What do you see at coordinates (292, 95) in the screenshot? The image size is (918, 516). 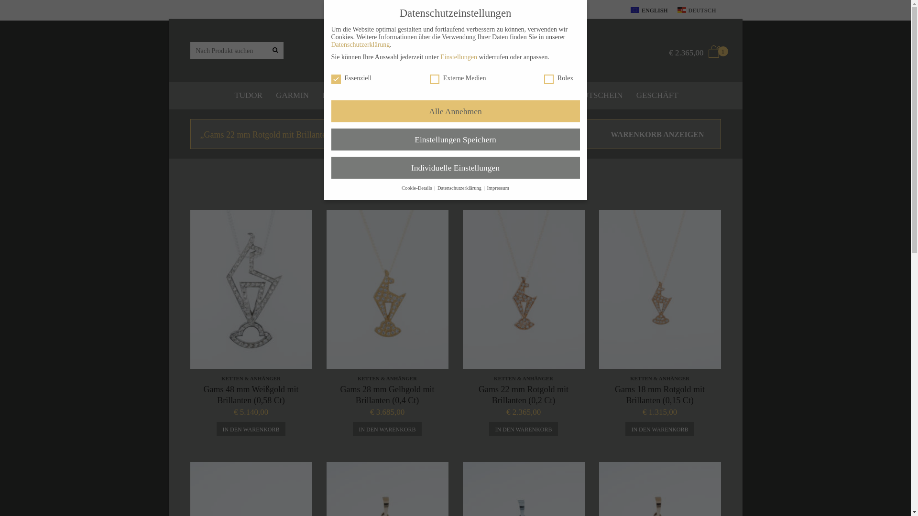 I see `'GARMIN'` at bounding box center [292, 95].